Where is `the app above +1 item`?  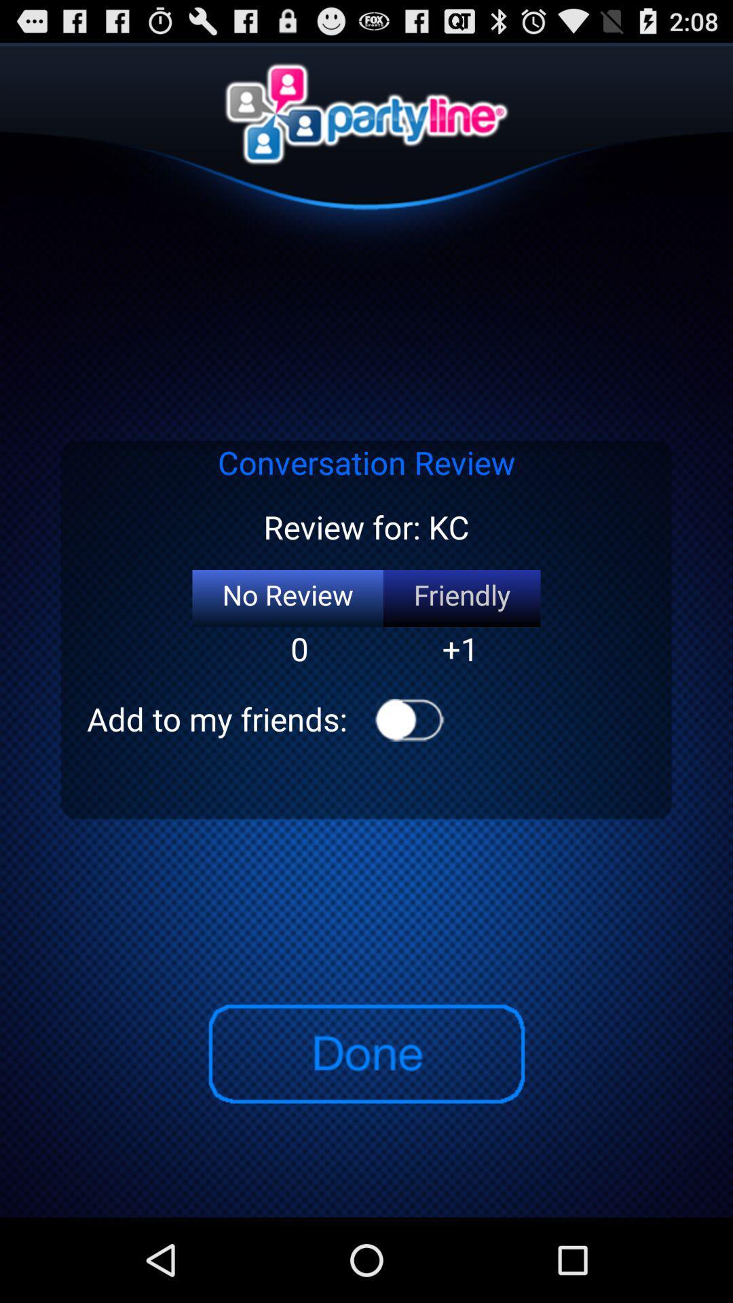 the app above +1 item is located at coordinates (461, 598).